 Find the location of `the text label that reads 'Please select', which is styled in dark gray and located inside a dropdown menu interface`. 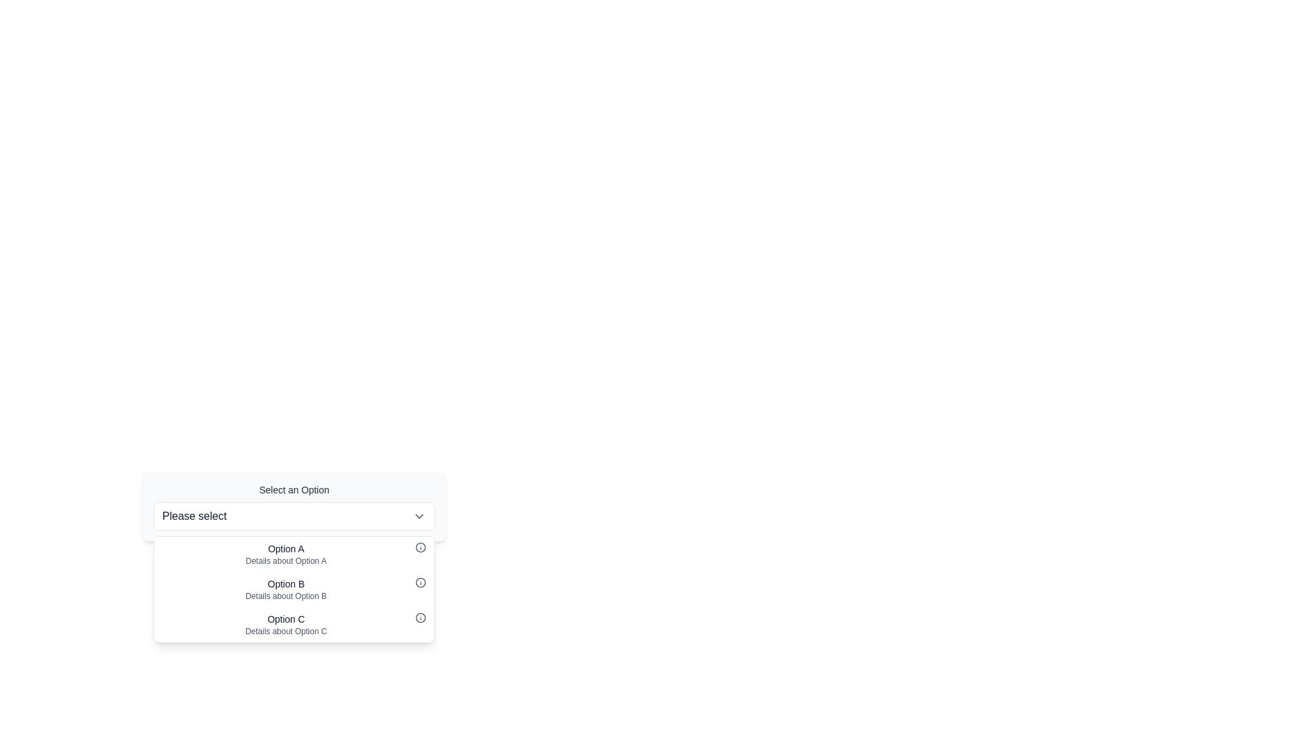

the text label that reads 'Please select', which is styled in dark gray and located inside a dropdown menu interface is located at coordinates (193, 516).